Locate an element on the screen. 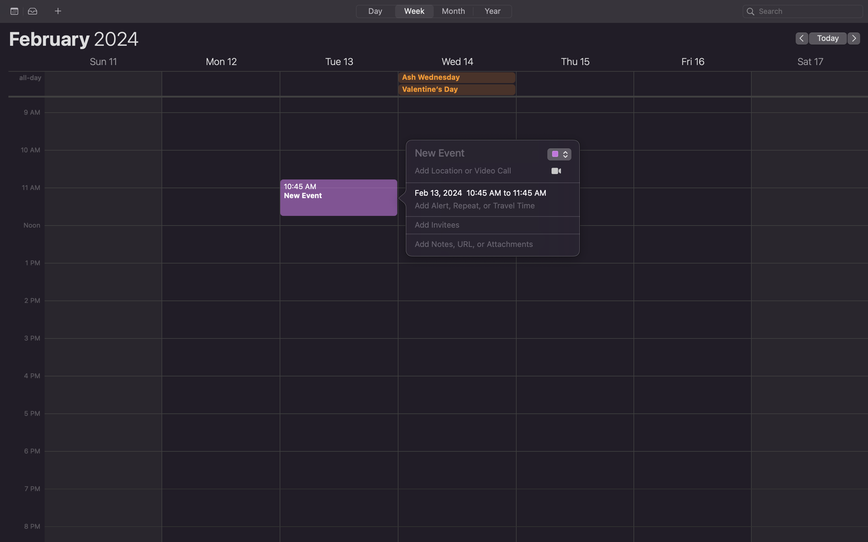 This screenshot has height=542, width=868. Insert "Conference Room 2" as a new location is located at coordinates (476, 173).